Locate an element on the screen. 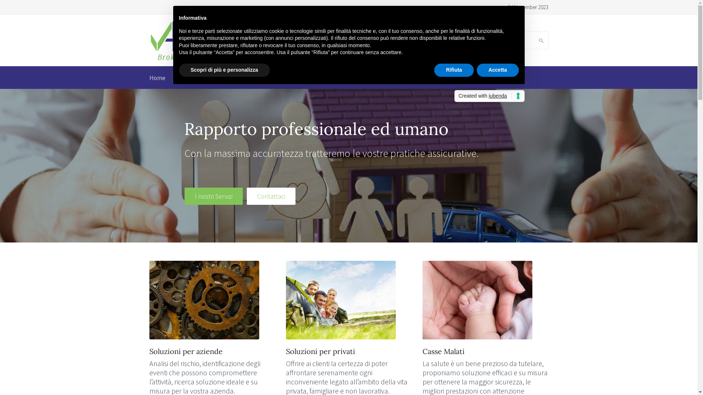 This screenshot has width=703, height=395. 'Rifiuta' is located at coordinates (453, 70).